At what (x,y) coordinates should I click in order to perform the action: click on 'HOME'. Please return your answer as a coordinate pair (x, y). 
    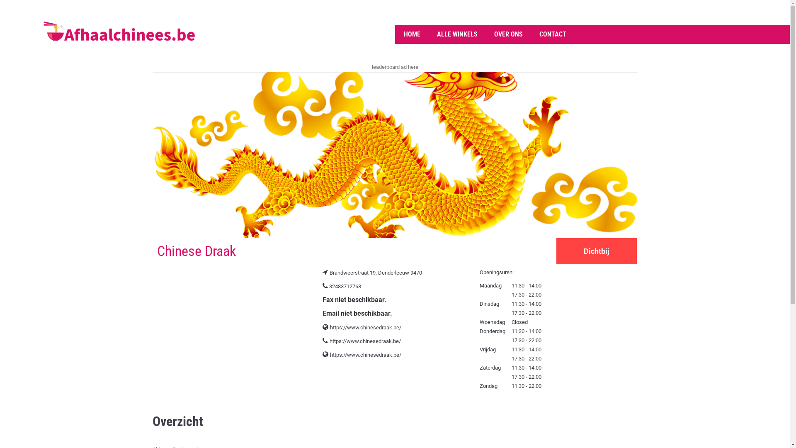
    Looking at the image, I should click on (412, 34).